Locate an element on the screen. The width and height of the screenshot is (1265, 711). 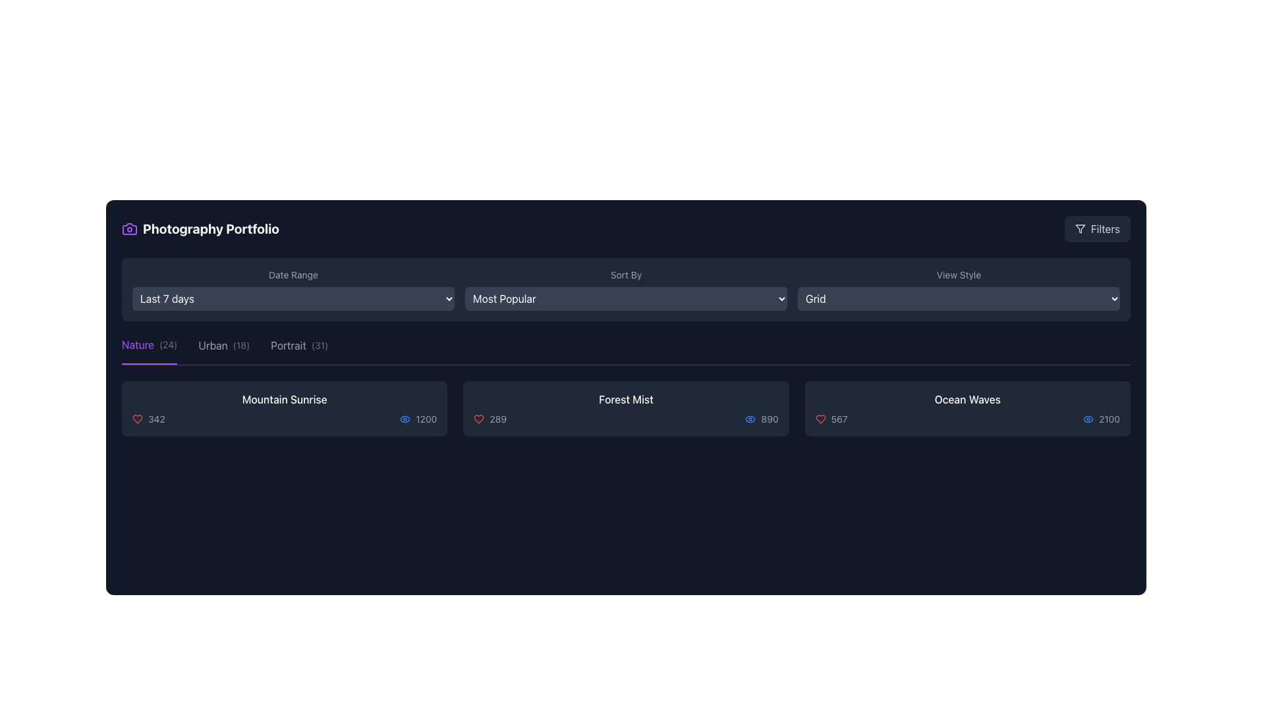
the 'Nature' tab, which is the first item in a horizontal menu of filter options is located at coordinates (149, 344).